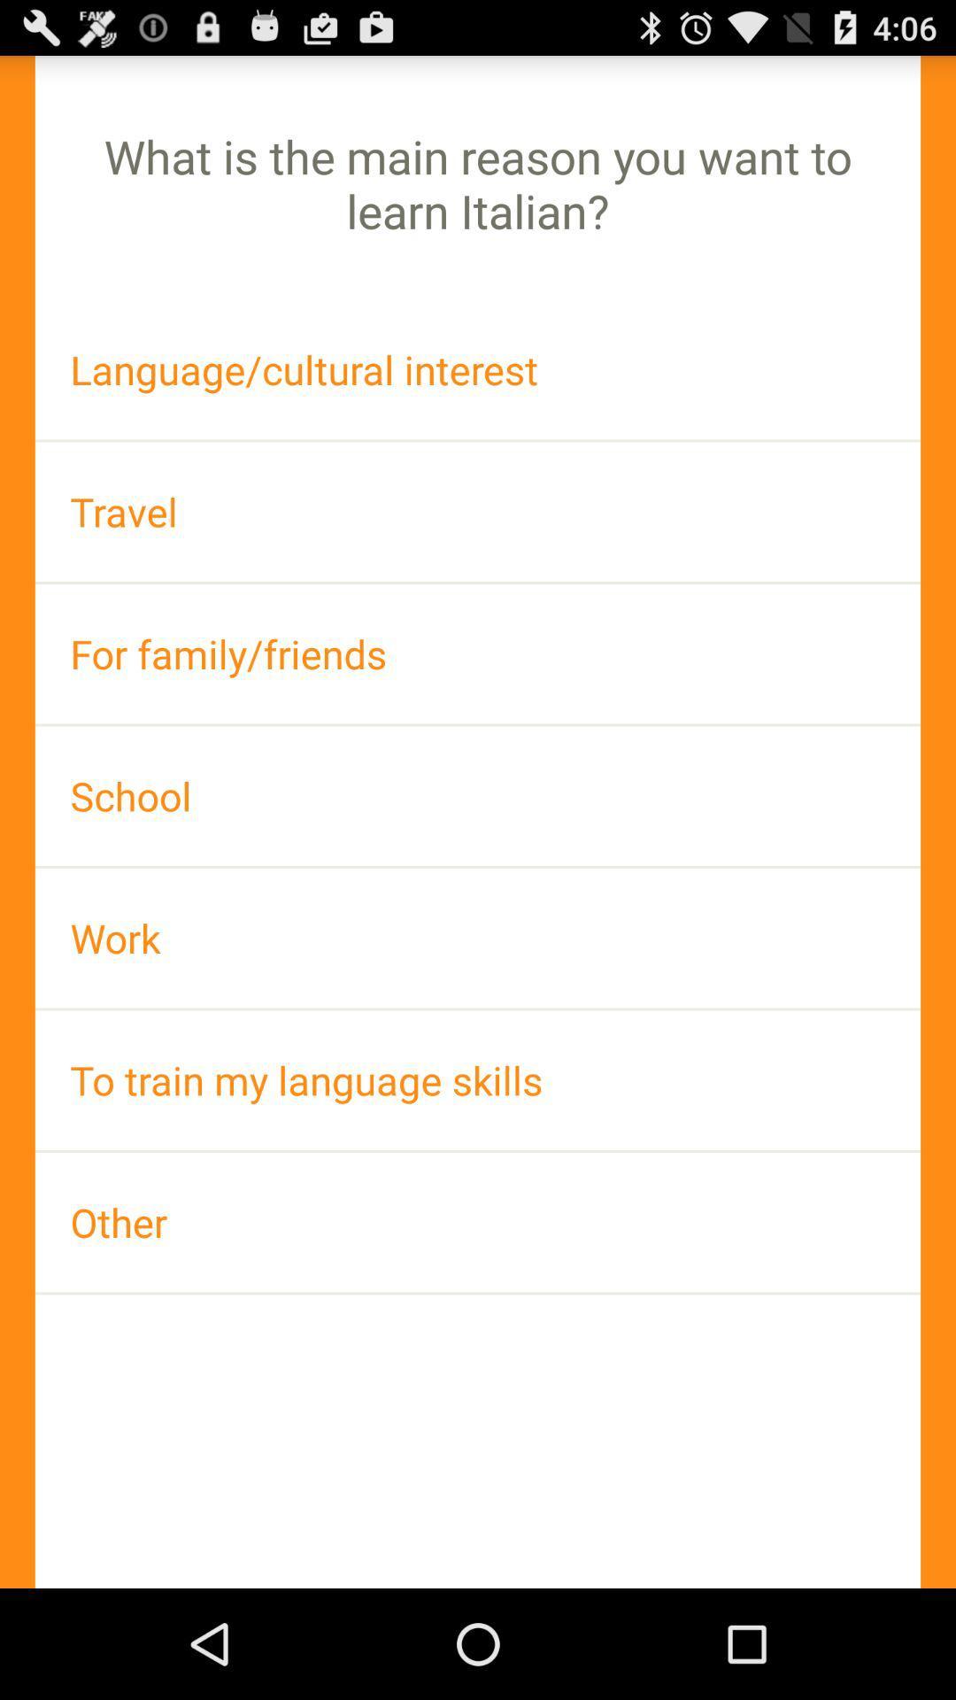  What do you see at coordinates (478, 937) in the screenshot?
I see `app below the school icon` at bounding box center [478, 937].